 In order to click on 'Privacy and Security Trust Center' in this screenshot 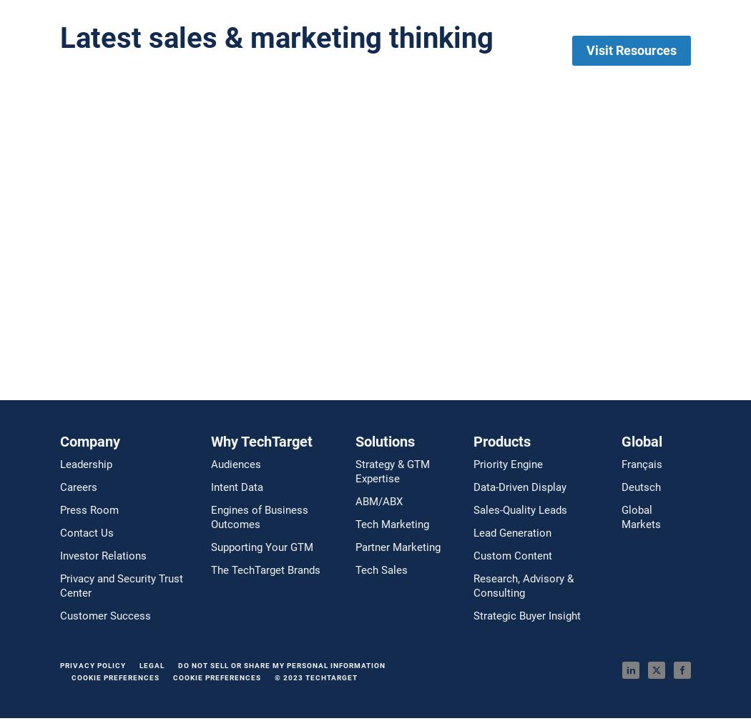, I will do `click(121, 585)`.